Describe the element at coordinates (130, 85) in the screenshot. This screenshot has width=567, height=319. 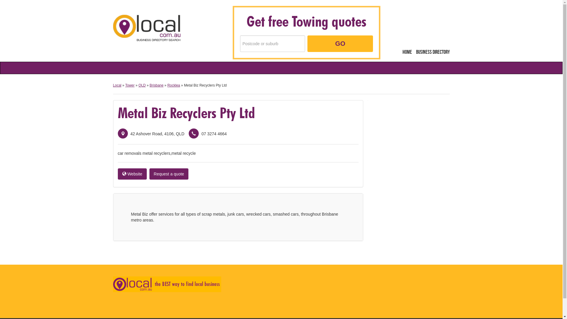
I see `'Tower'` at that location.